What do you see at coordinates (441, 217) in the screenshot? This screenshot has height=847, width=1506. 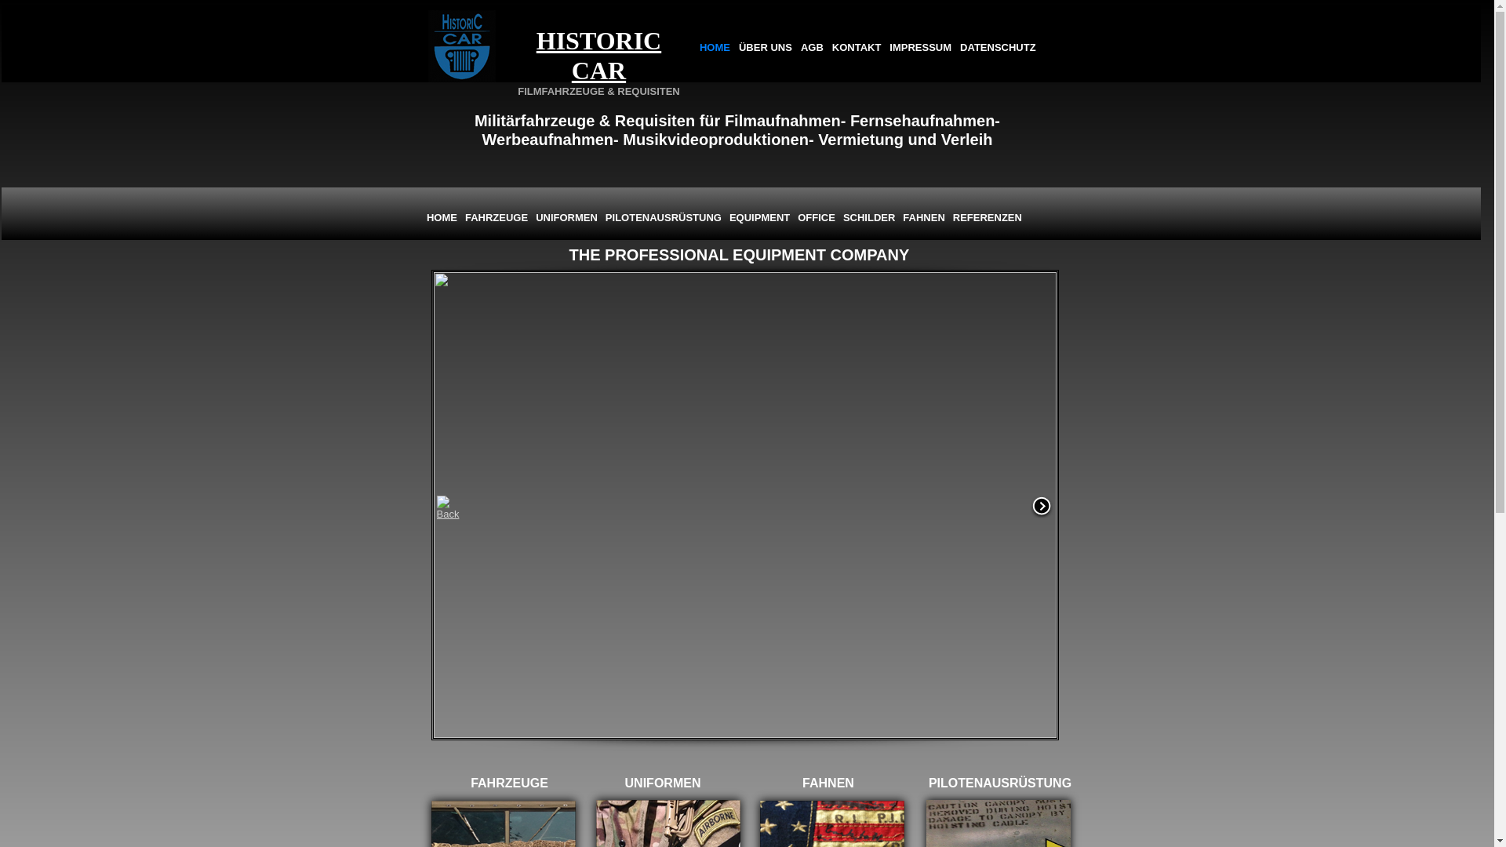 I see `'HOME'` at bounding box center [441, 217].